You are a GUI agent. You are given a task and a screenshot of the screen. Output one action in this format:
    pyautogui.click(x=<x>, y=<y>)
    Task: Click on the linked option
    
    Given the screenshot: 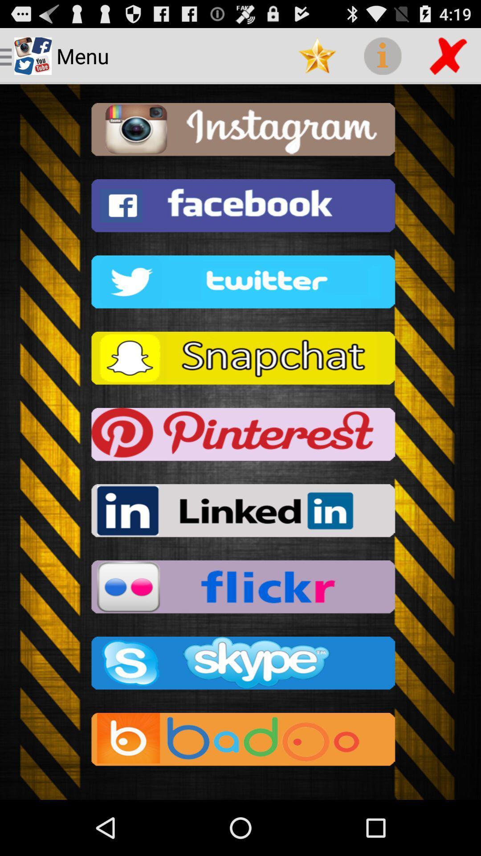 What is the action you would take?
    pyautogui.click(x=240, y=513)
    